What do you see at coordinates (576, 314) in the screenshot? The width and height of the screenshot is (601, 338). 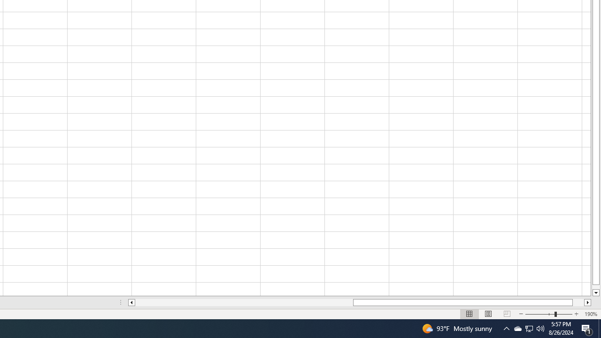 I see `'Zoom In'` at bounding box center [576, 314].